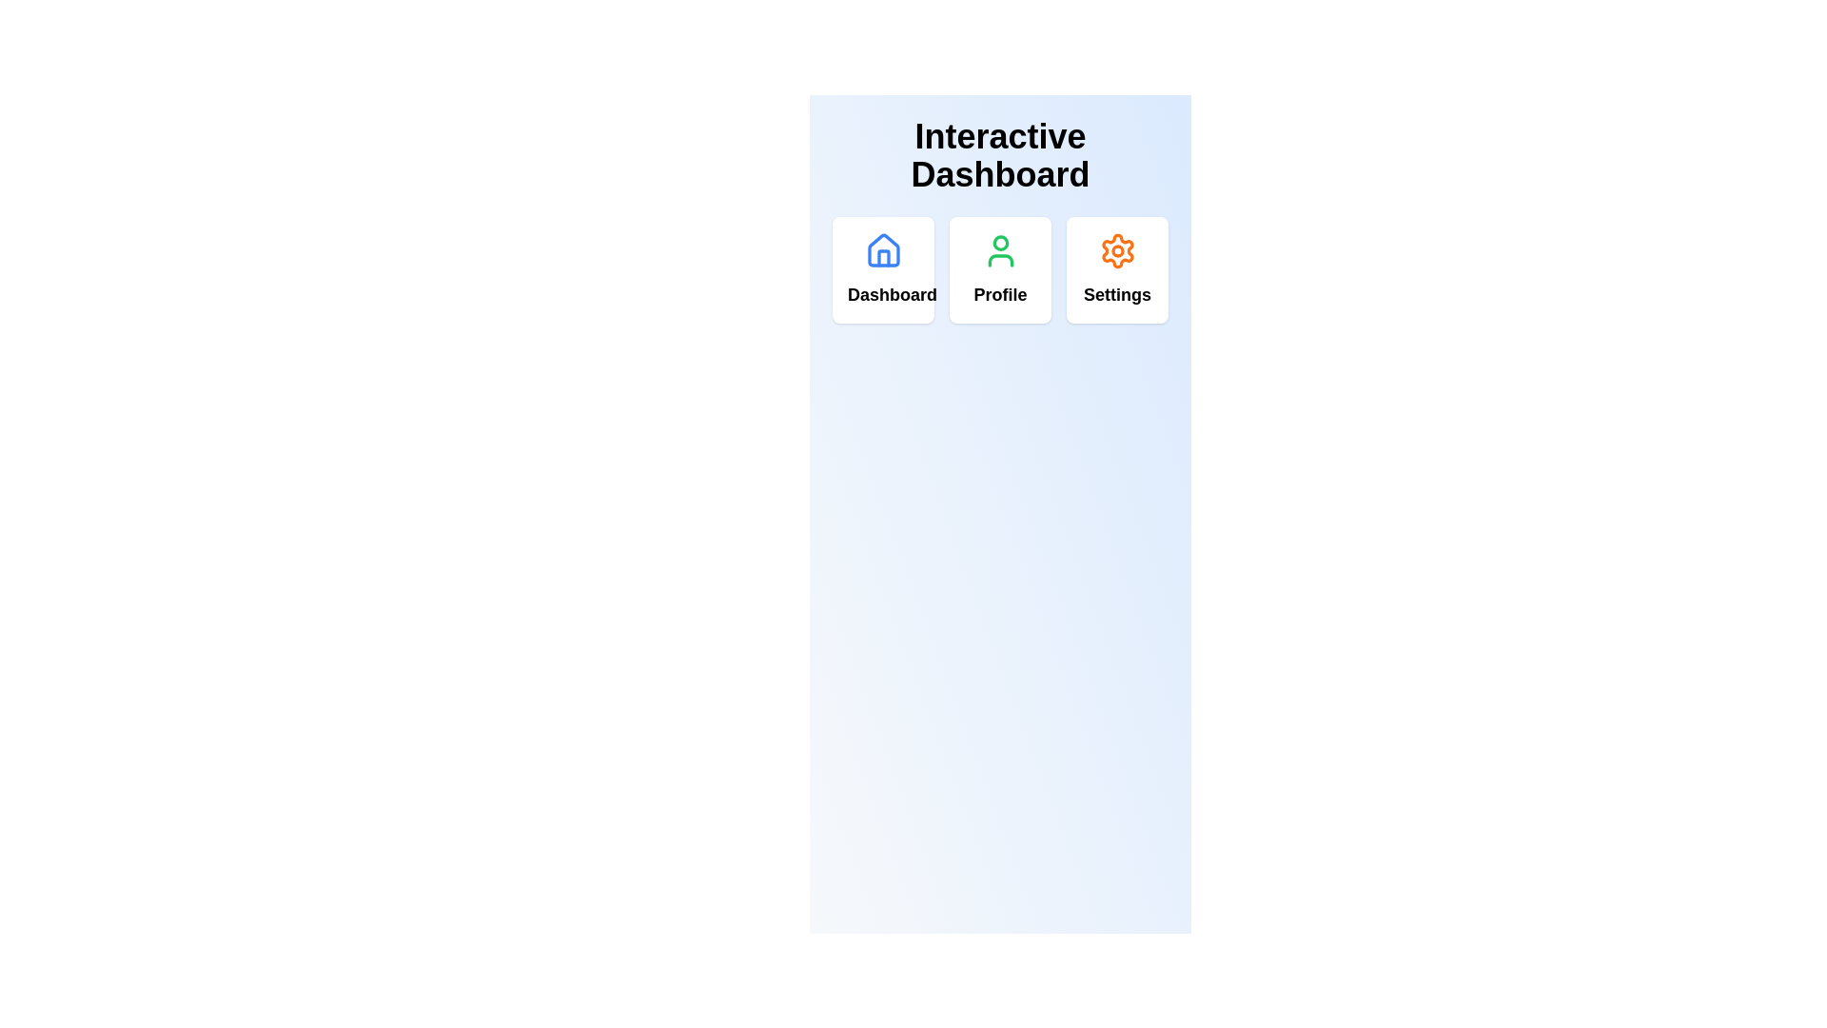 This screenshot has height=1028, width=1827. What do you see at coordinates (1117, 249) in the screenshot?
I see `the small circular shape with an orange outline located at the center of the settings icon, which is part of a horizontal row of icons labeled Dashboard, Profile, and Settings` at bounding box center [1117, 249].